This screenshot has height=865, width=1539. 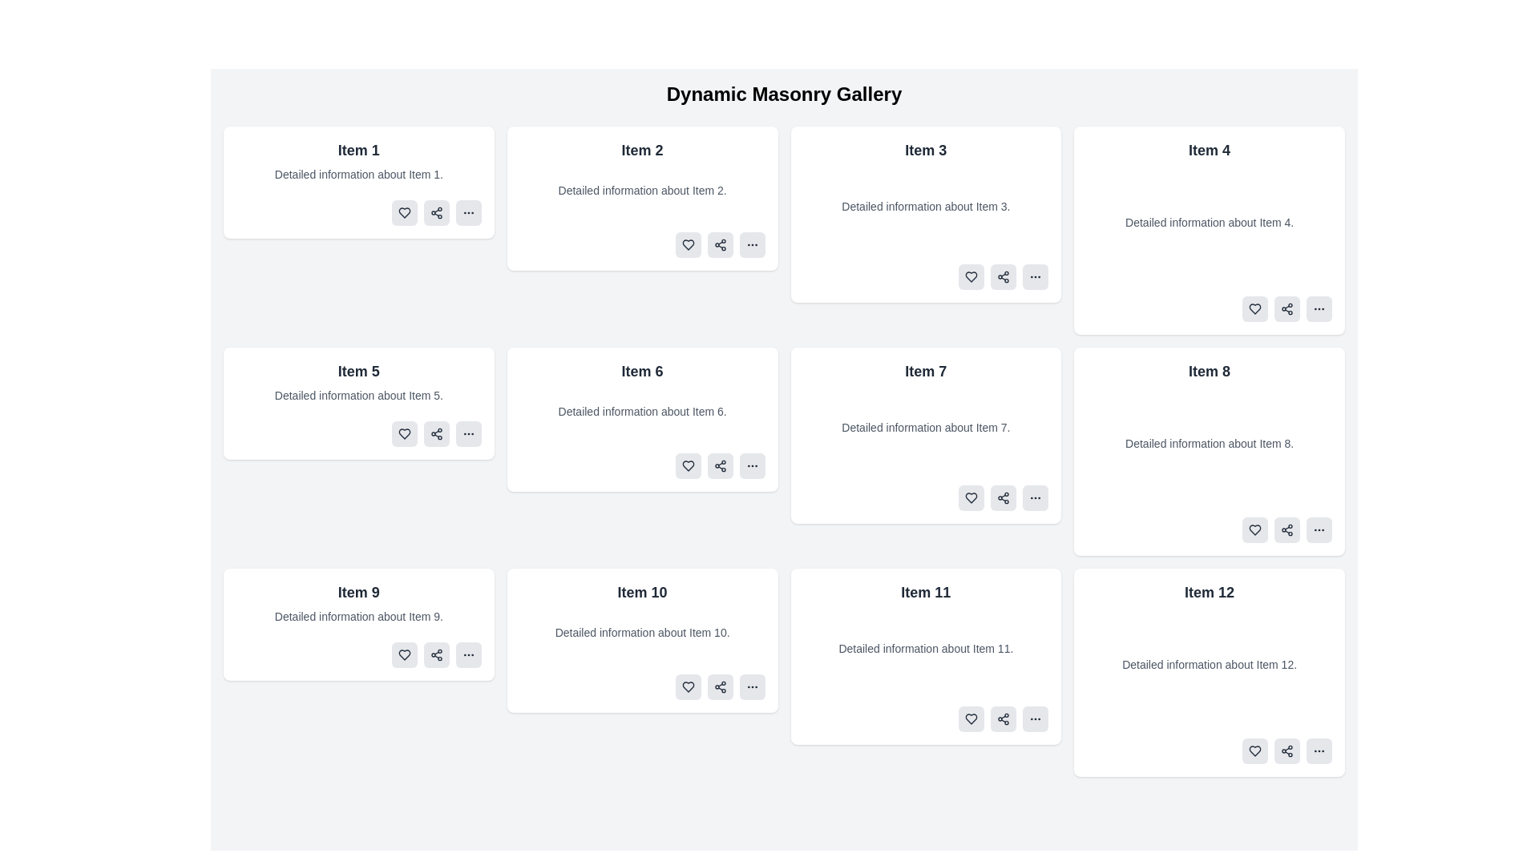 What do you see at coordinates (1003, 718) in the screenshot?
I see `the small, rounded square button with a gray background and a share icon in the center, located between the heart-shaped button and the ellipsis button on the card labeled 'Item 11'` at bounding box center [1003, 718].